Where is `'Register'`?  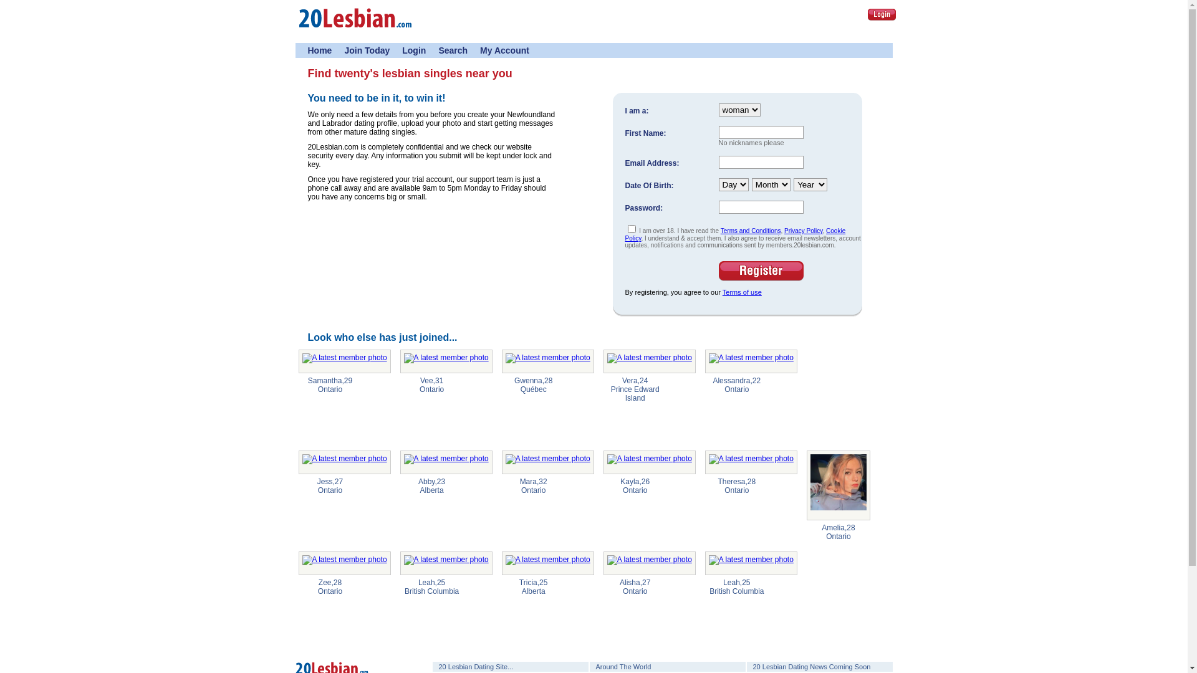
'Register' is located at coordinates (759, 270).